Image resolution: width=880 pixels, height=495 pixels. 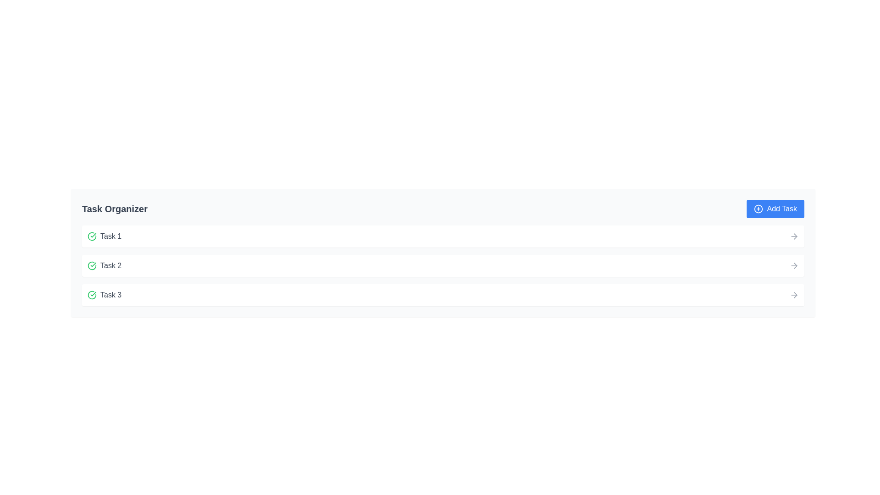 What do you see at coordinates (104, 295) in the screenshot?
I see `the label styled in gray text with a checkmark icon indicating 'Task 3', which is the last item in the task list` at bounding box center [104, 295].